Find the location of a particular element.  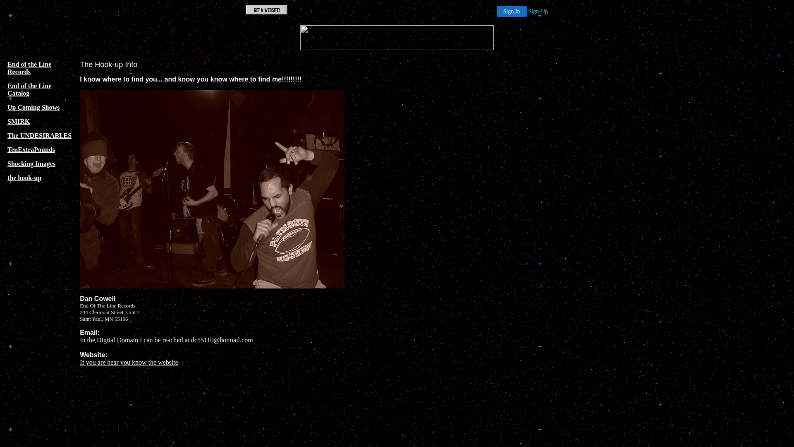

'The UNDESIRABLES' is located at coordinates (39, 135).